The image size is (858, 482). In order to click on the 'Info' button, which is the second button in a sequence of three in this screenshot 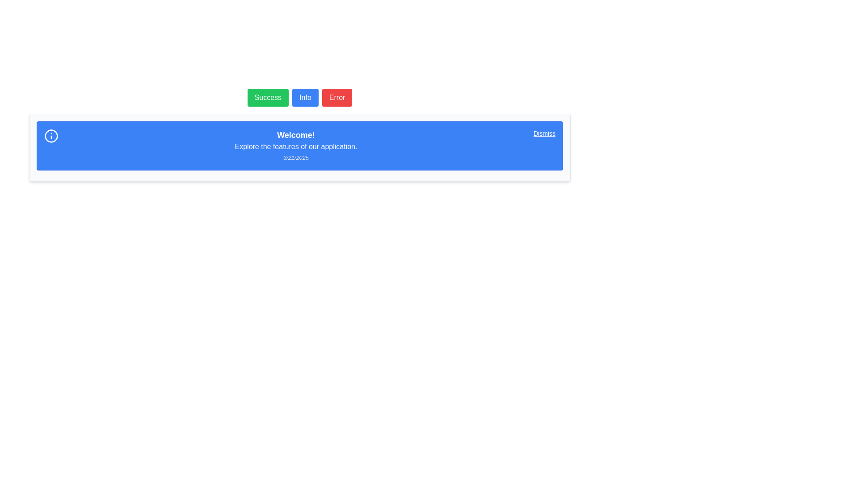, I will do `click(300, 98)`.